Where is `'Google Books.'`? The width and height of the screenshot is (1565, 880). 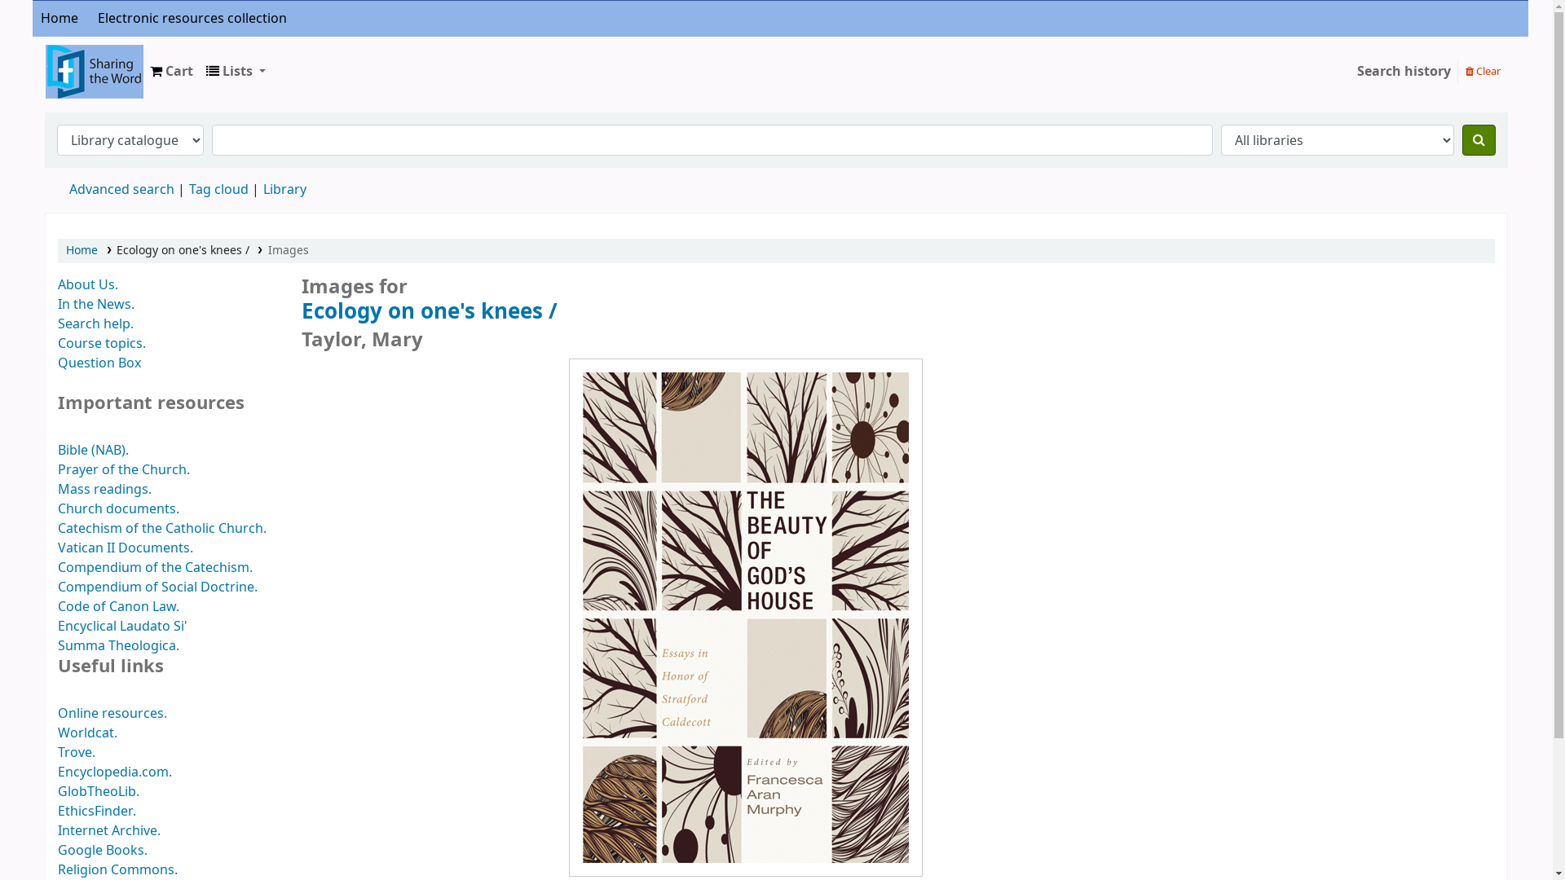 'Google Books.' is located at coordinates (101, 850).